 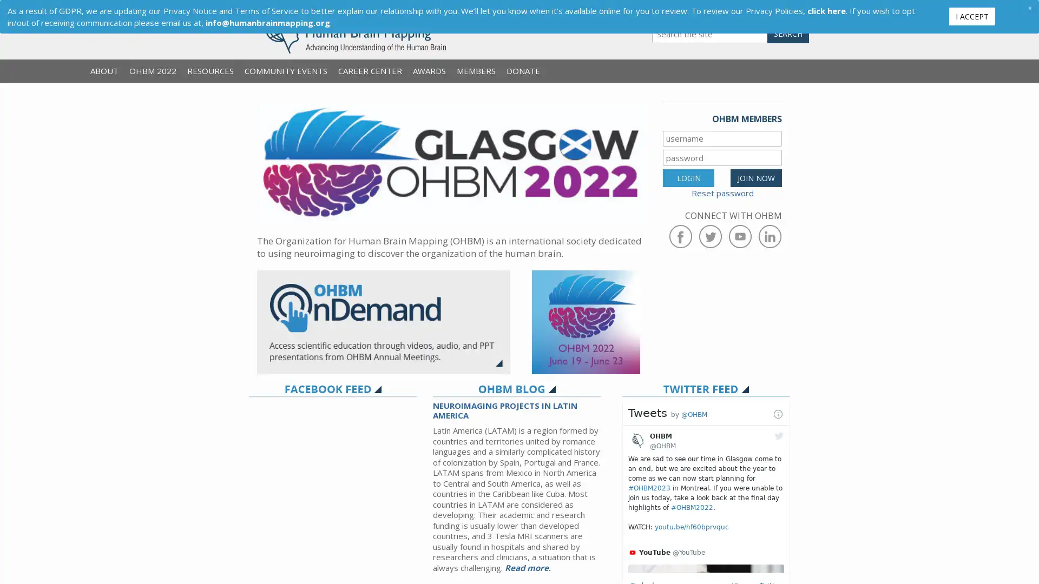 What do you see at coordinates (971, 16) in the screenshot?
I see `I ACCEPT` at bounding box center [971, 16].